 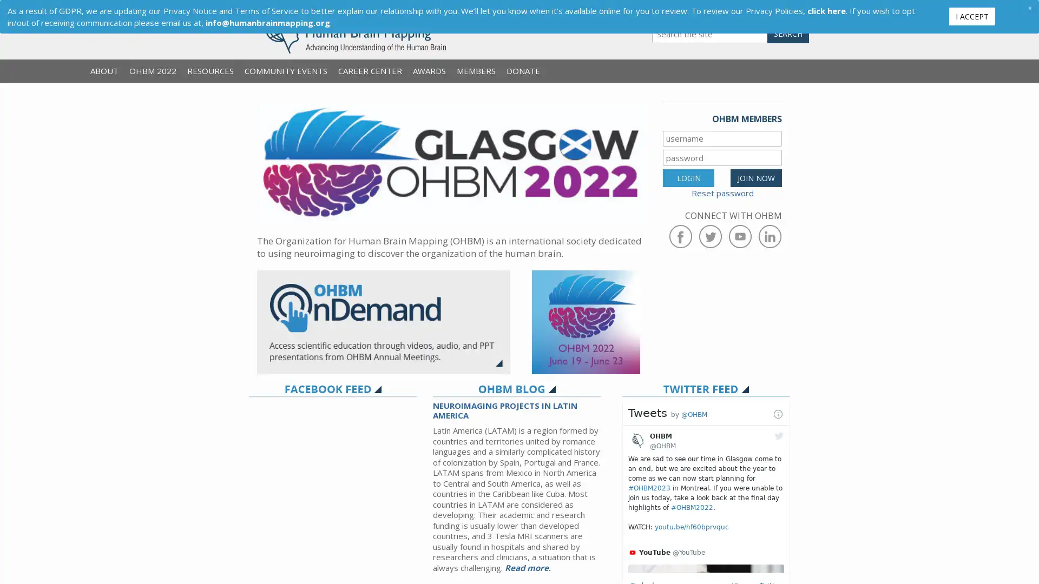 What do you see at coordinates (971, 16) in the screenshot?
I see `I ACCEPT` at bounding box center [971, 16].